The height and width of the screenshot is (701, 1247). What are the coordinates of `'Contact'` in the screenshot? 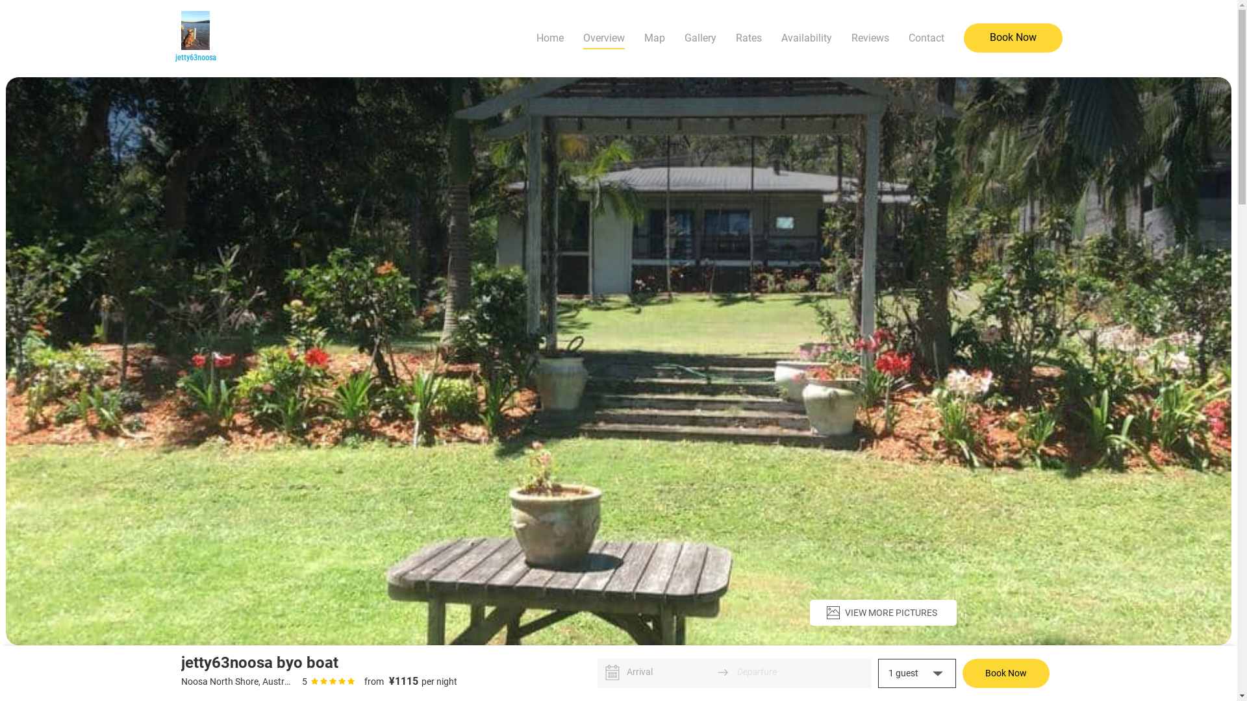 It's located at (925, 37).